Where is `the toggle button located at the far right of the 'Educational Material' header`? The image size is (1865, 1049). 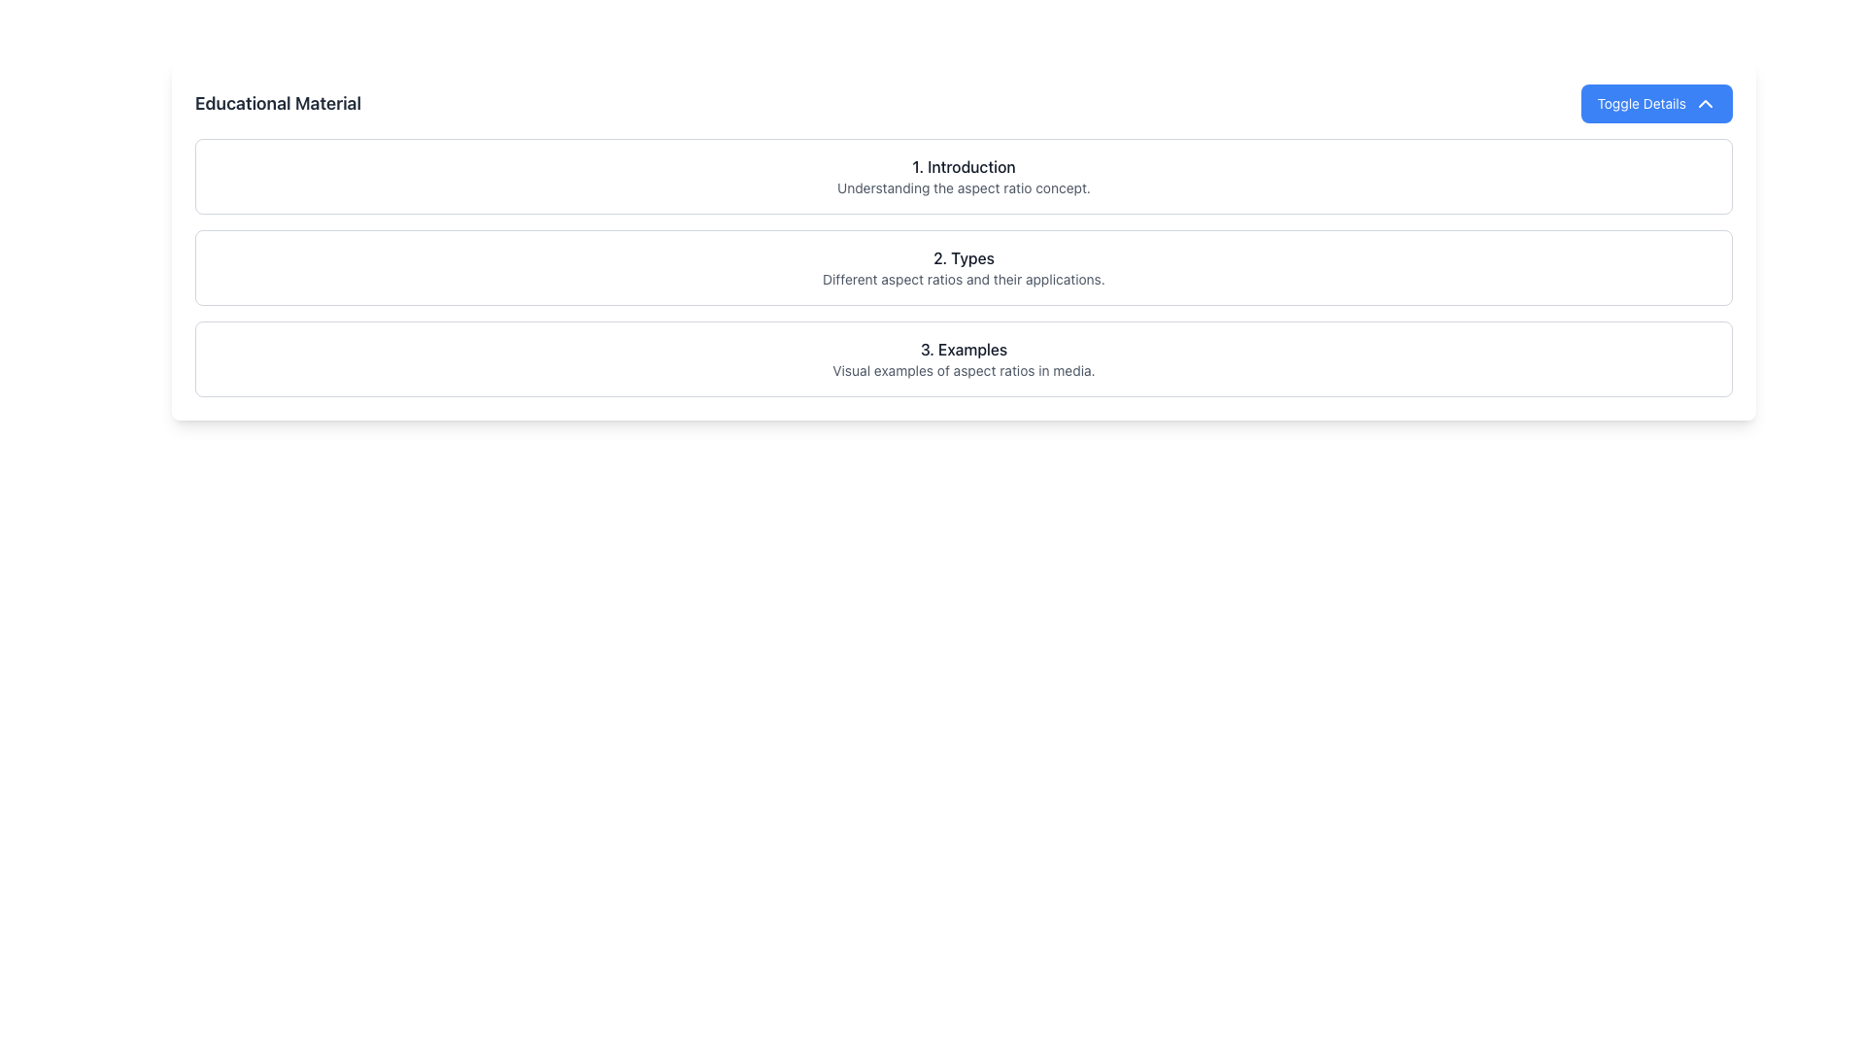
the toggle button located at the far right of the 'Educational Material' header is located at coordinates (1656, 104).